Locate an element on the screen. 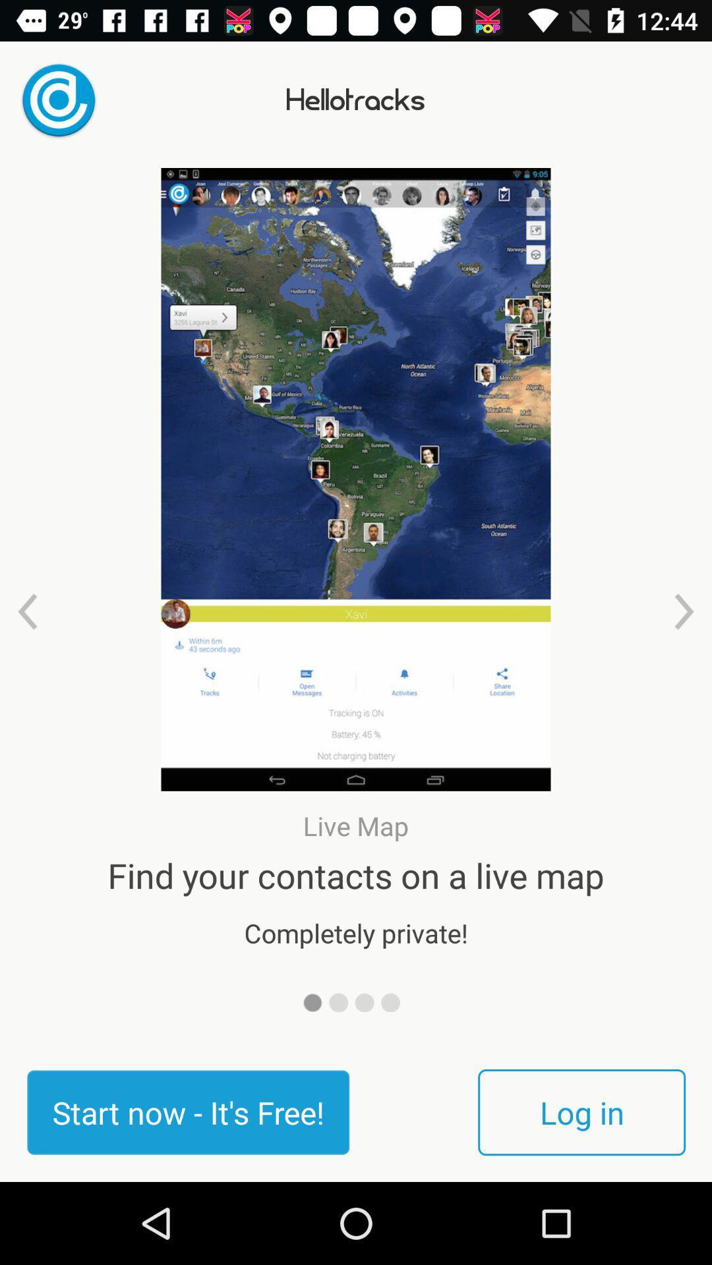 This screenshot has height=1265, width=712. the icon next to the start now it item is located at coordinates (581, 1111).